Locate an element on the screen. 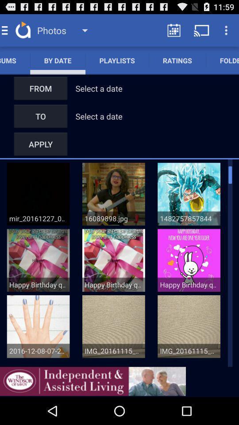 This screenshot has height=425, width=239. advertisement image is located at coordinates (93, 381).